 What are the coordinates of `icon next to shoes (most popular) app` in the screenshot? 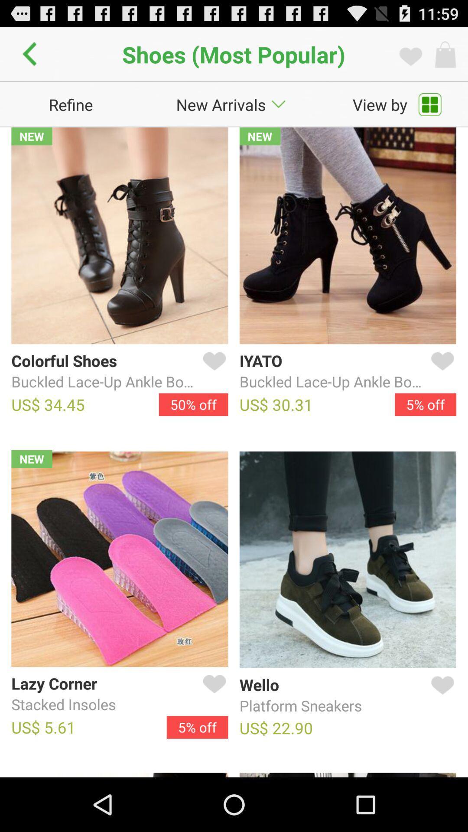 It's located at (32, 54).